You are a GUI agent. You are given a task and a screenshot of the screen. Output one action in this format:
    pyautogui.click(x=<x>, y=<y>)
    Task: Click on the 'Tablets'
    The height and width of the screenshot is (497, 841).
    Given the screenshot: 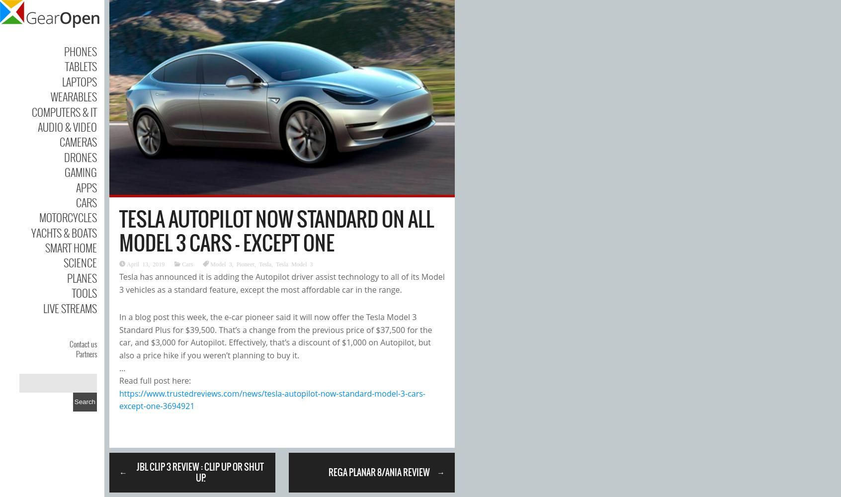 What is the action you would take?
    pyautogui.click(x=80, y=66)
    